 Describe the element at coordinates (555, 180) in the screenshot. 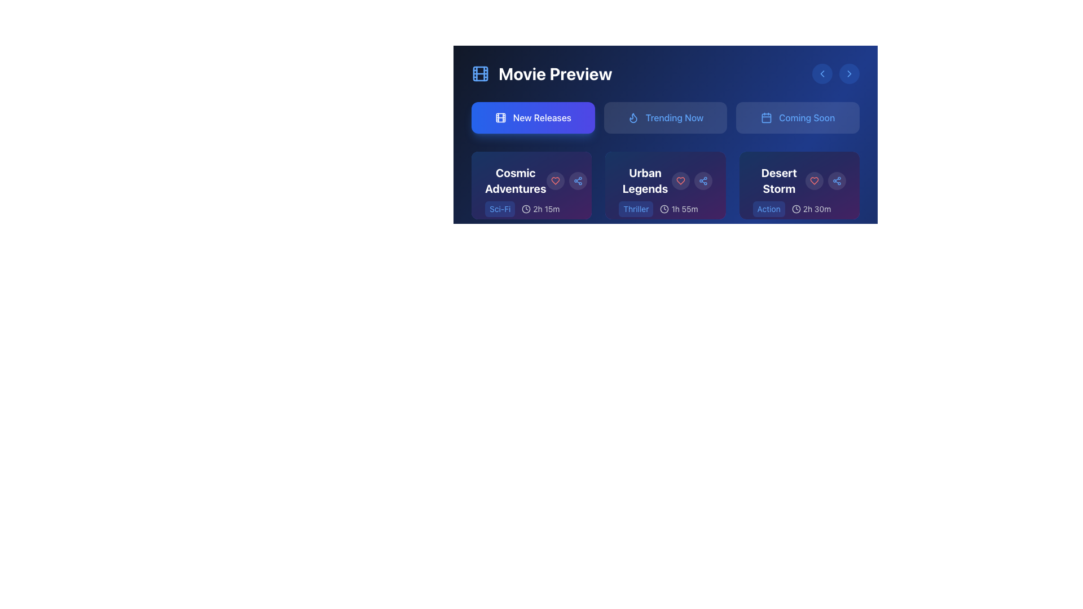

I see `the favorite button marked with a heart symbol, which is located between the title 'Cosmic Adventures' and a share icon in the movie entry card` at that location.